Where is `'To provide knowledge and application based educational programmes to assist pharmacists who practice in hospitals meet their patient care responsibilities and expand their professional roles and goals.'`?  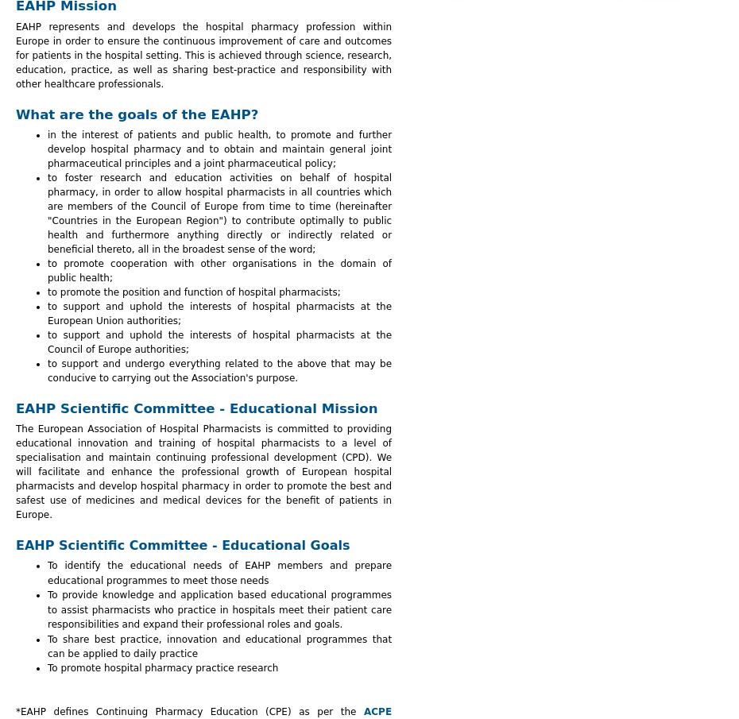 'To provide knowledge and application based educational programmes to assist pharmacists who practice in hospitals meet their patient care responsibilities and expand their professional roles and goals.' is located at coordinates (219, 609).